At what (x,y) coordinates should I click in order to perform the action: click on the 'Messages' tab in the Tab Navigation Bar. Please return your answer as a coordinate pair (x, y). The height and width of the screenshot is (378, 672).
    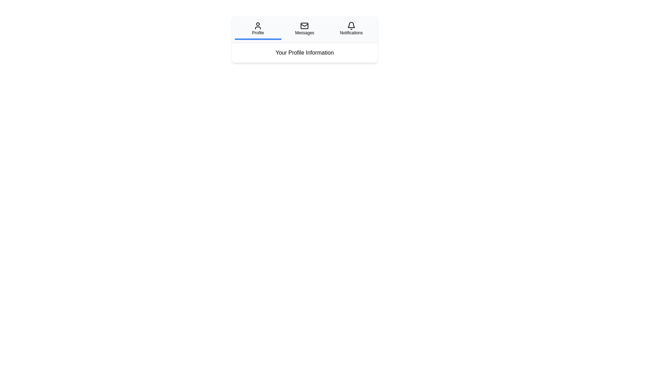
    Looking at the image, I should click on (304, 29).